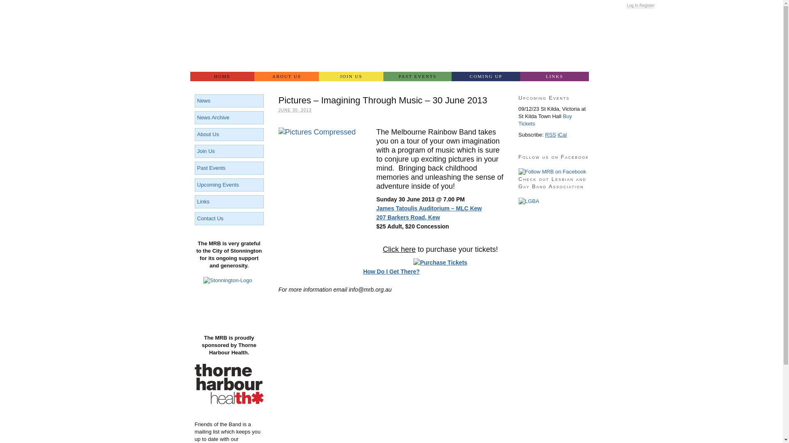 The height and width of the screenshot is (443, 789). I want to click on 'HOME', so click(222, 76).